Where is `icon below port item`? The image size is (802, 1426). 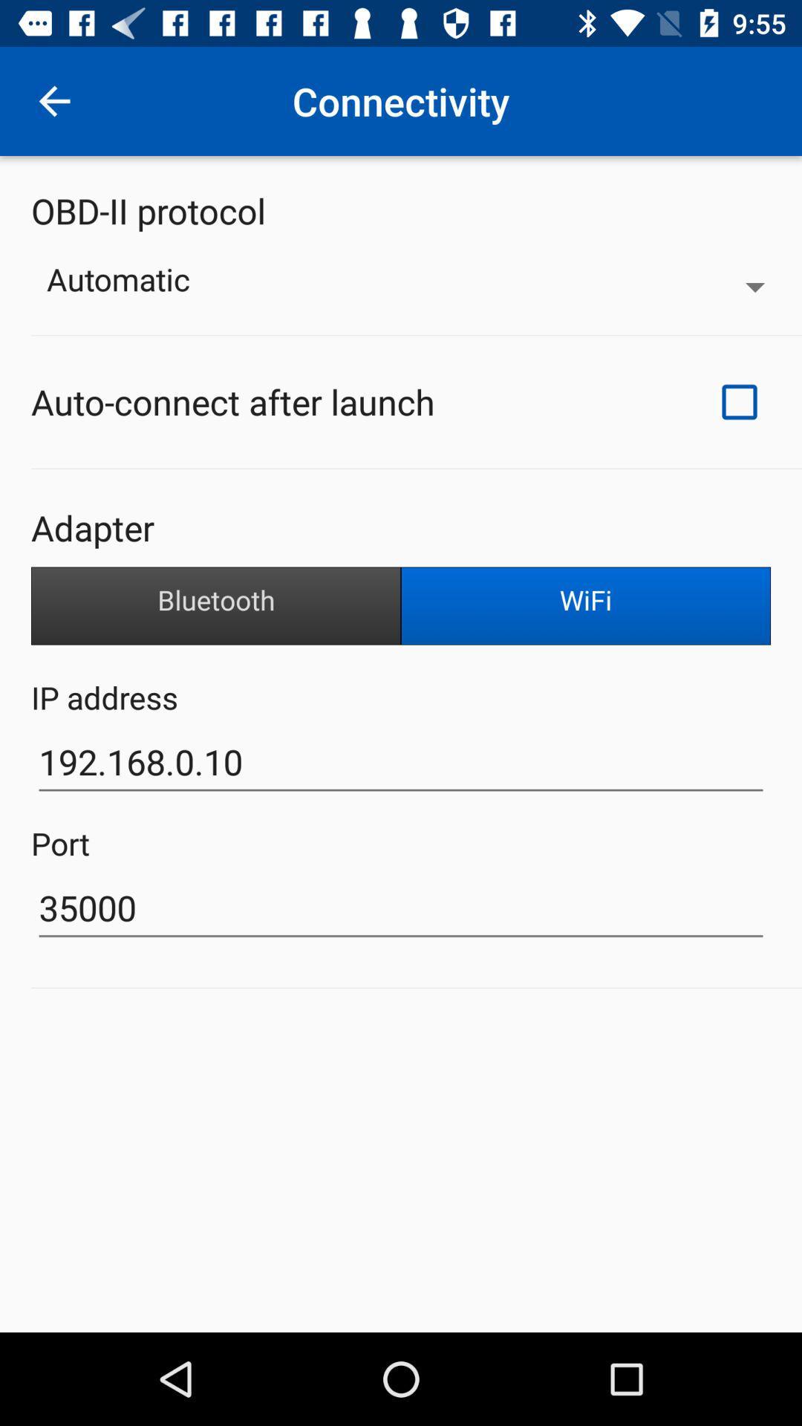
icon below port item is located at coordinates (401, 908).